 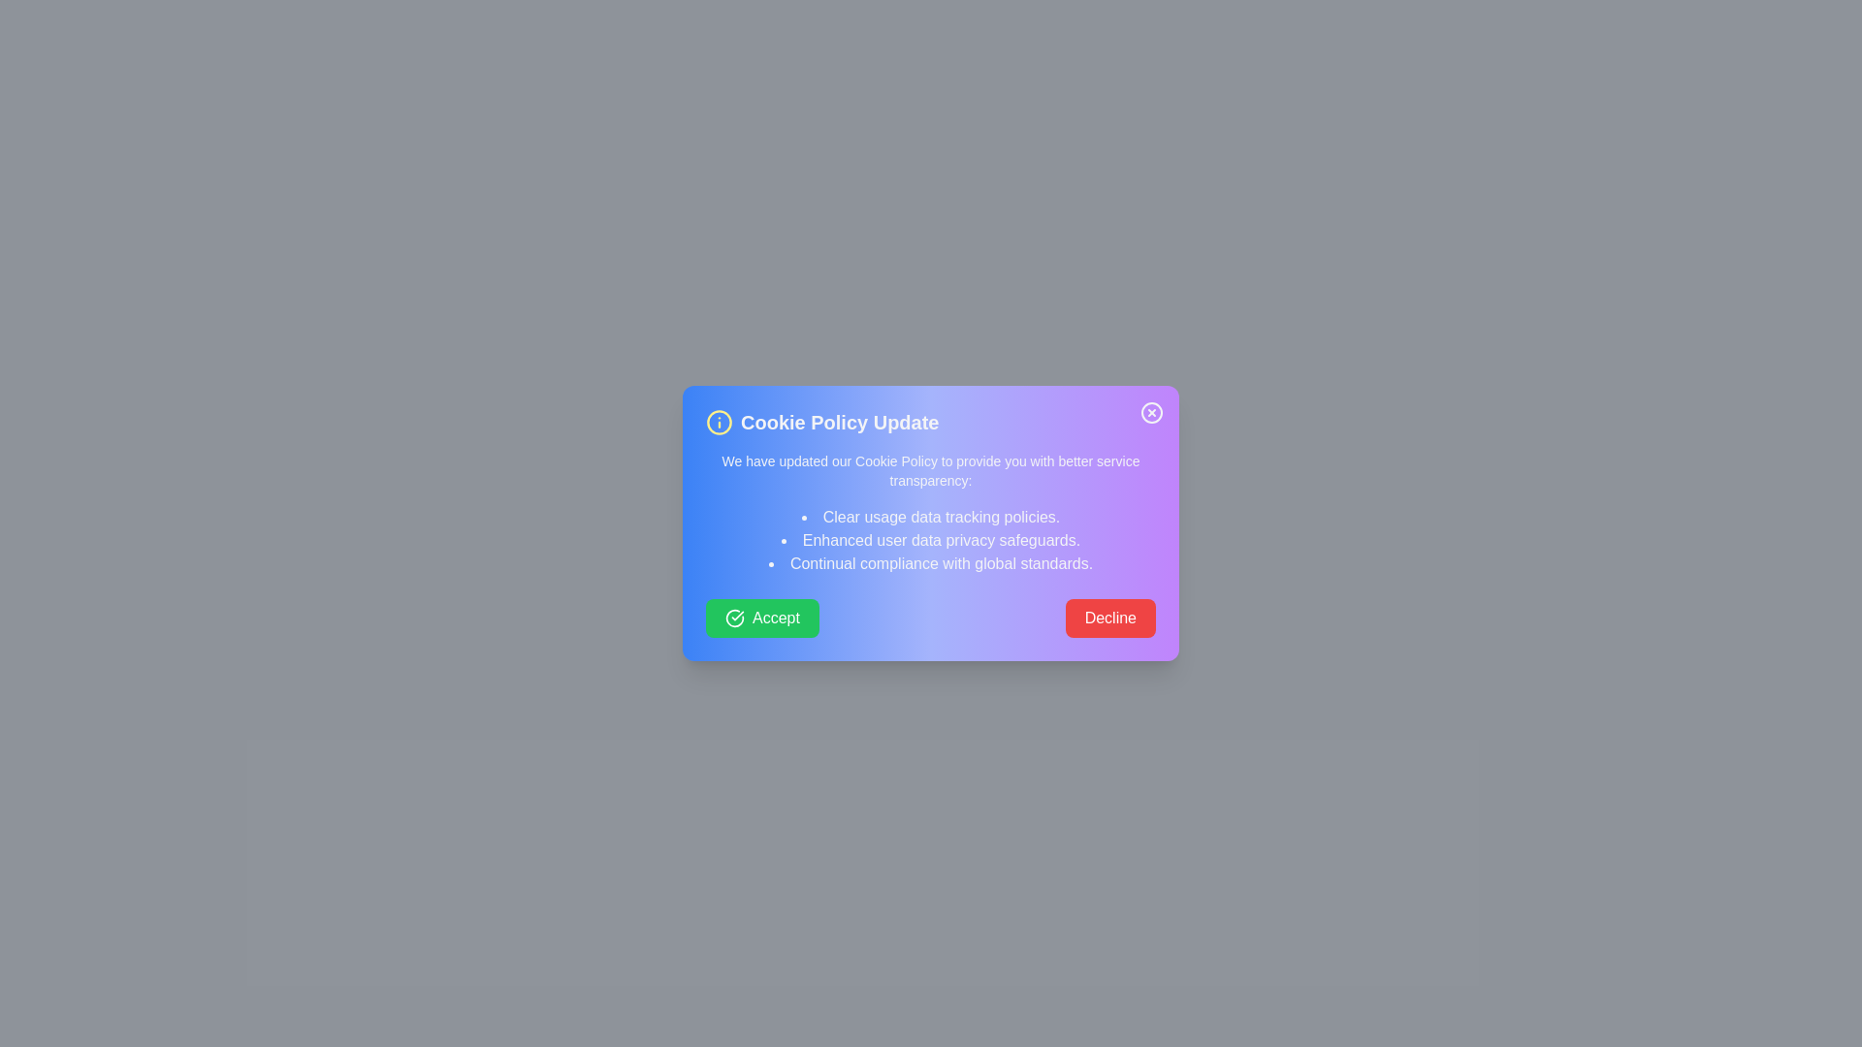 I want to click on the close button to hide the dialog, so click(x=1152, y=411).